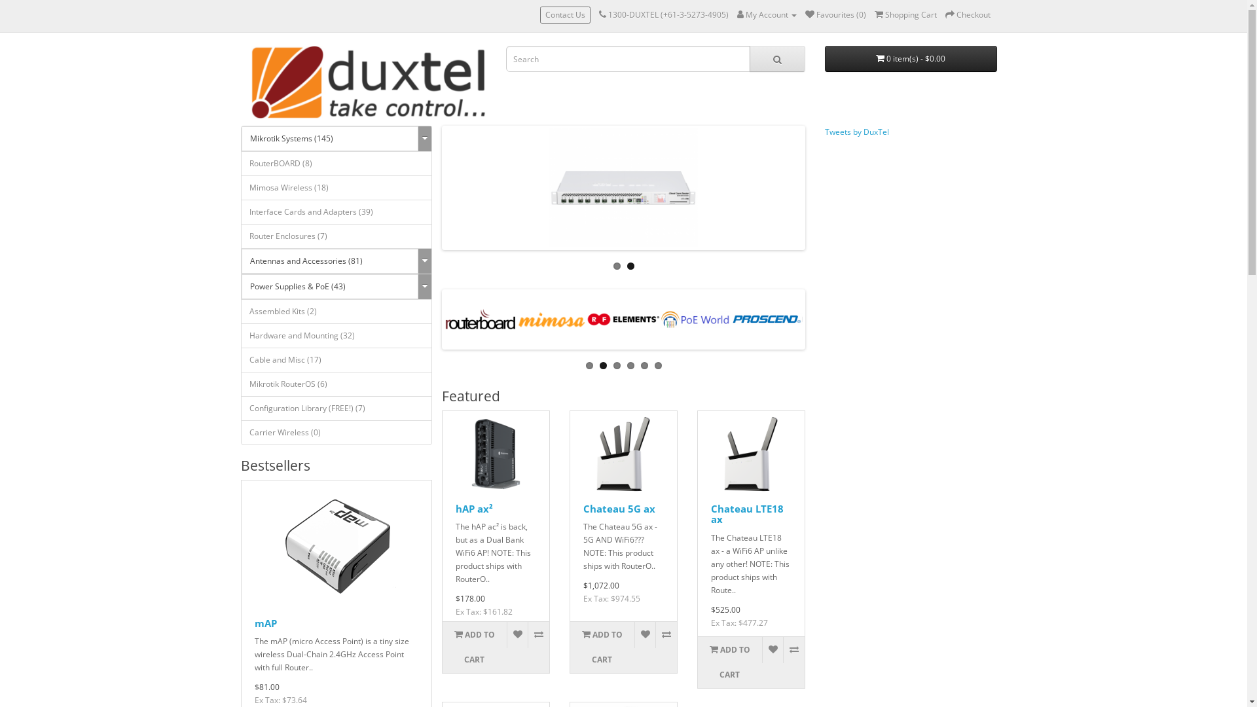  I want to click on 'Power Supplies & PoE (43)', so click(329, 286).